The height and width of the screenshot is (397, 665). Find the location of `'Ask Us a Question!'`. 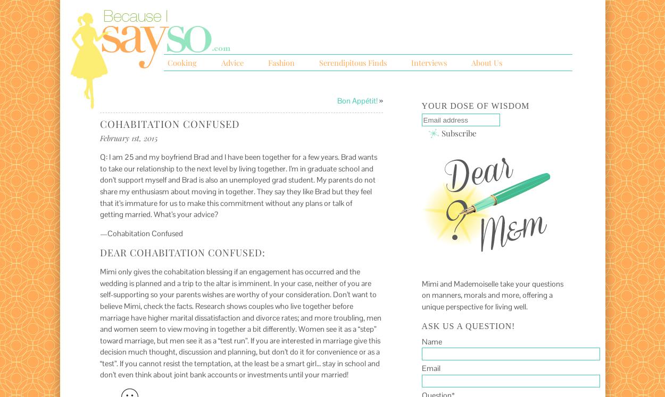

'Ask Us a Question!' is located at coordinates (468, 325).